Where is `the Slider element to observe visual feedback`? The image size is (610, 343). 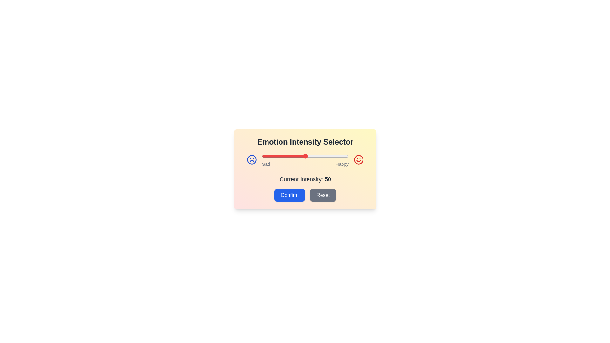 the Slider element to observe visual feedback is located at coordinates (305, 156).